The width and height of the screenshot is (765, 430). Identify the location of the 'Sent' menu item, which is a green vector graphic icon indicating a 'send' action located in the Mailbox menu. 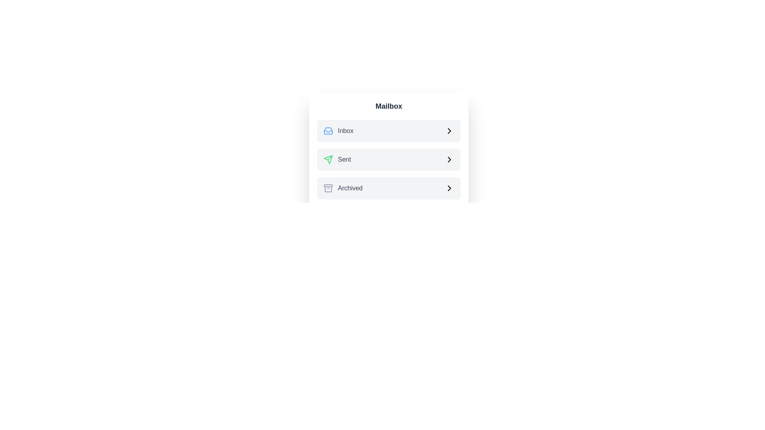
(330, 158).